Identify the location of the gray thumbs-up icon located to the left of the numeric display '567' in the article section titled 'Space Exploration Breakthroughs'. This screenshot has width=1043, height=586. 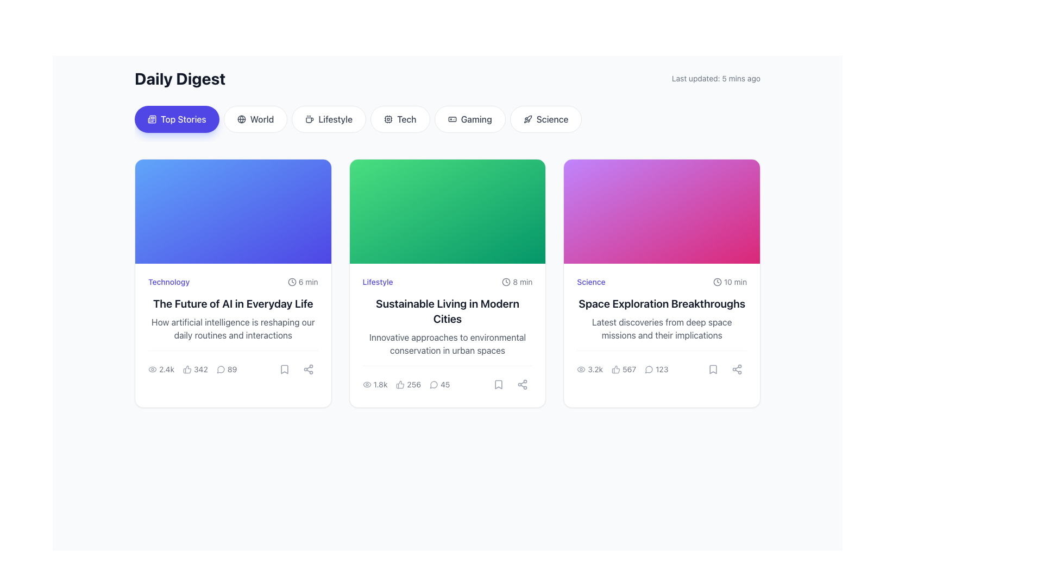
(615, 369).